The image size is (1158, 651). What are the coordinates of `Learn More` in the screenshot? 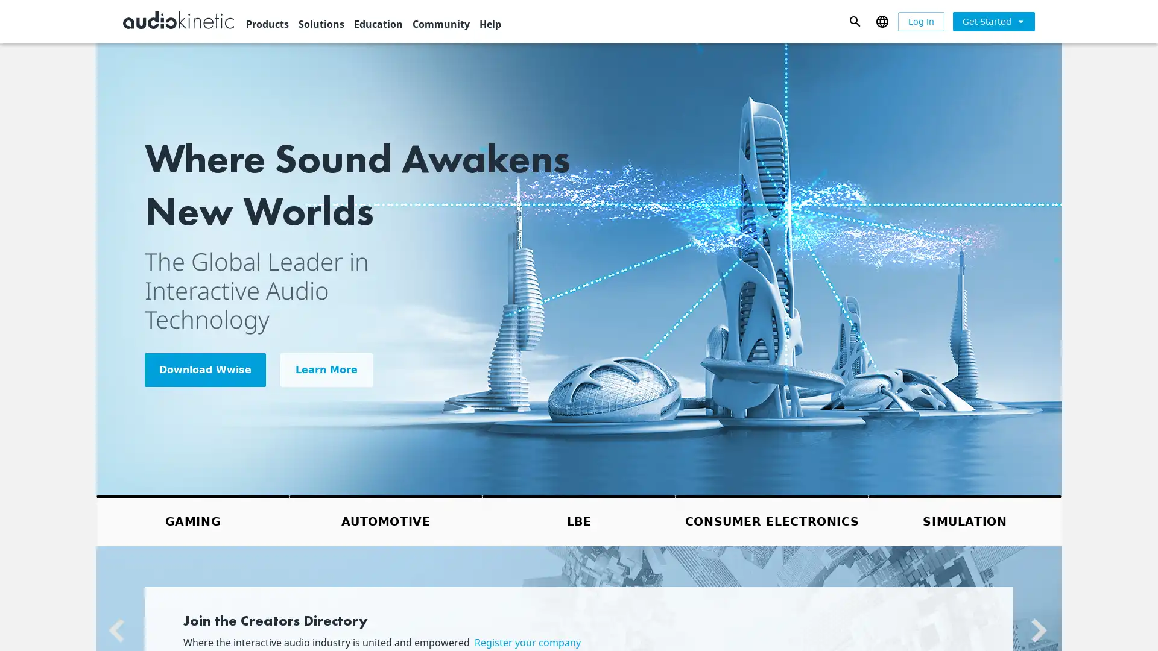 It's located at (326, 369).